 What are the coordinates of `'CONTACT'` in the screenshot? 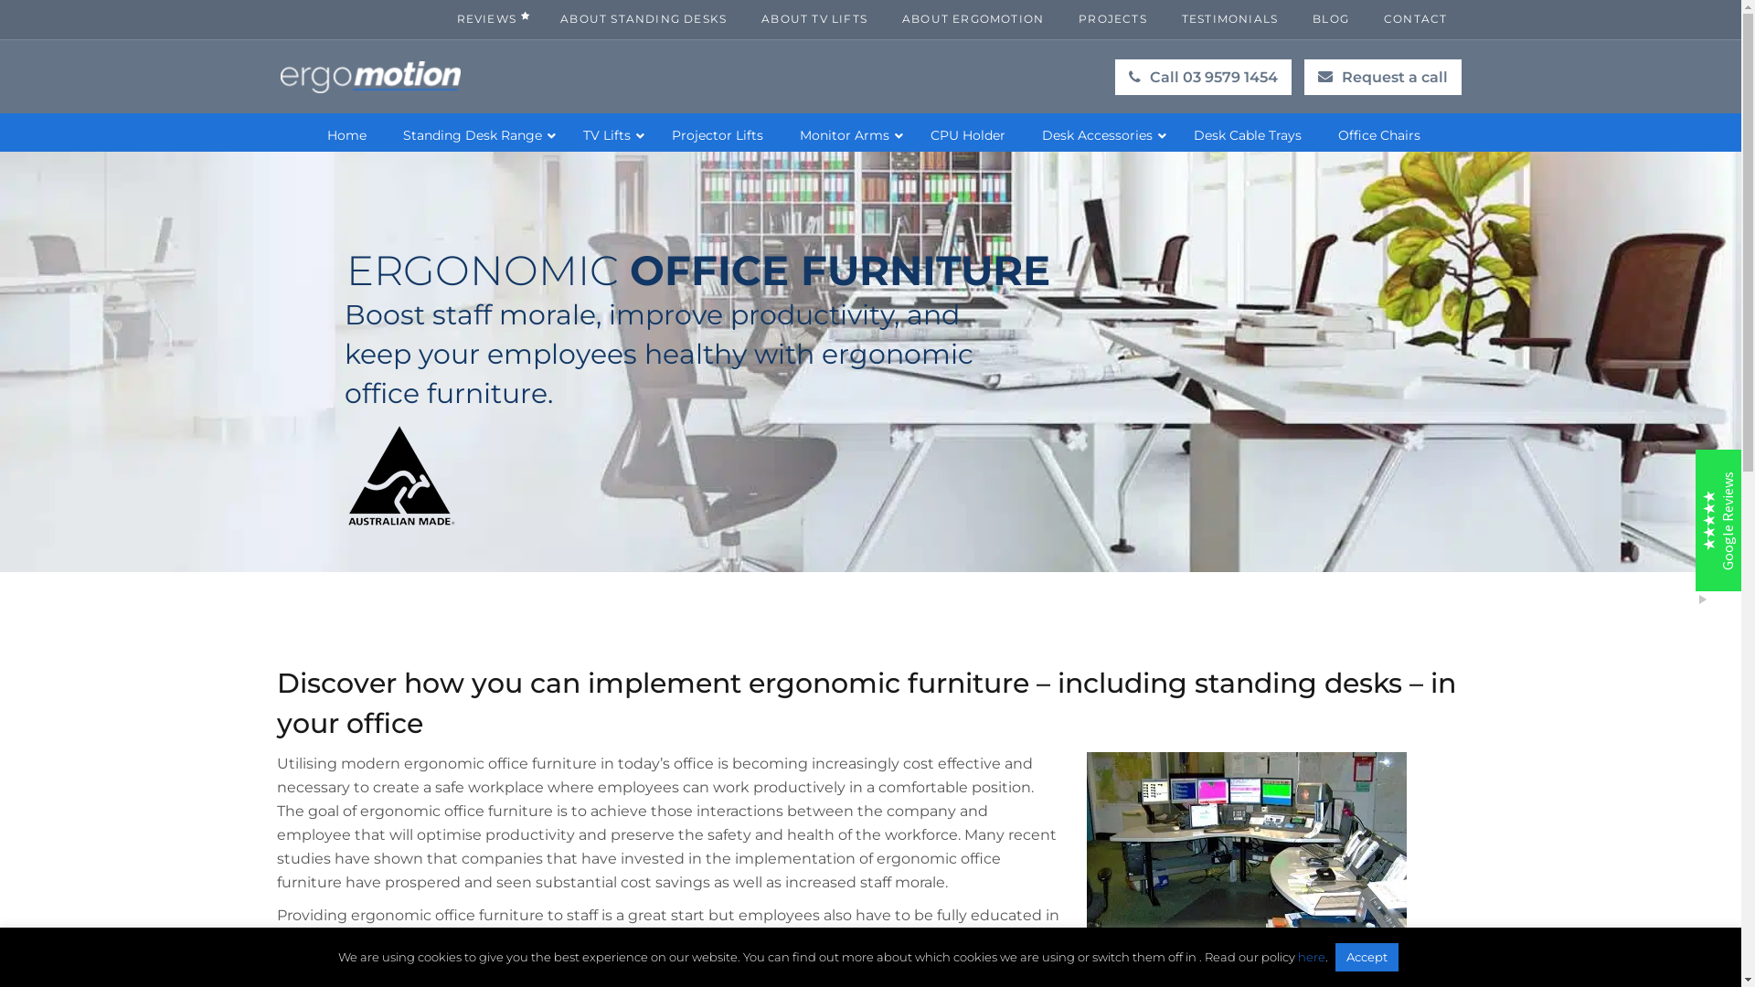 It's located at (1414, 18).